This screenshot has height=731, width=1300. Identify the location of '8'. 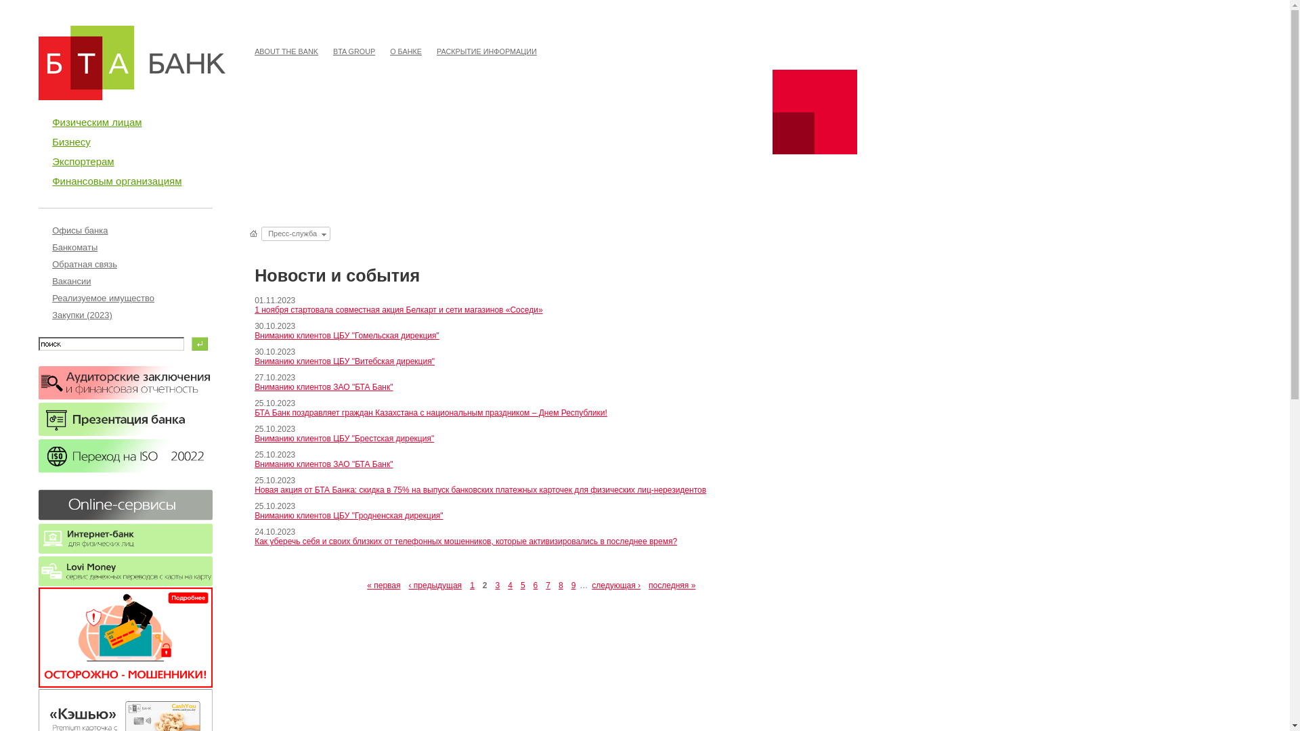
(561, 584).